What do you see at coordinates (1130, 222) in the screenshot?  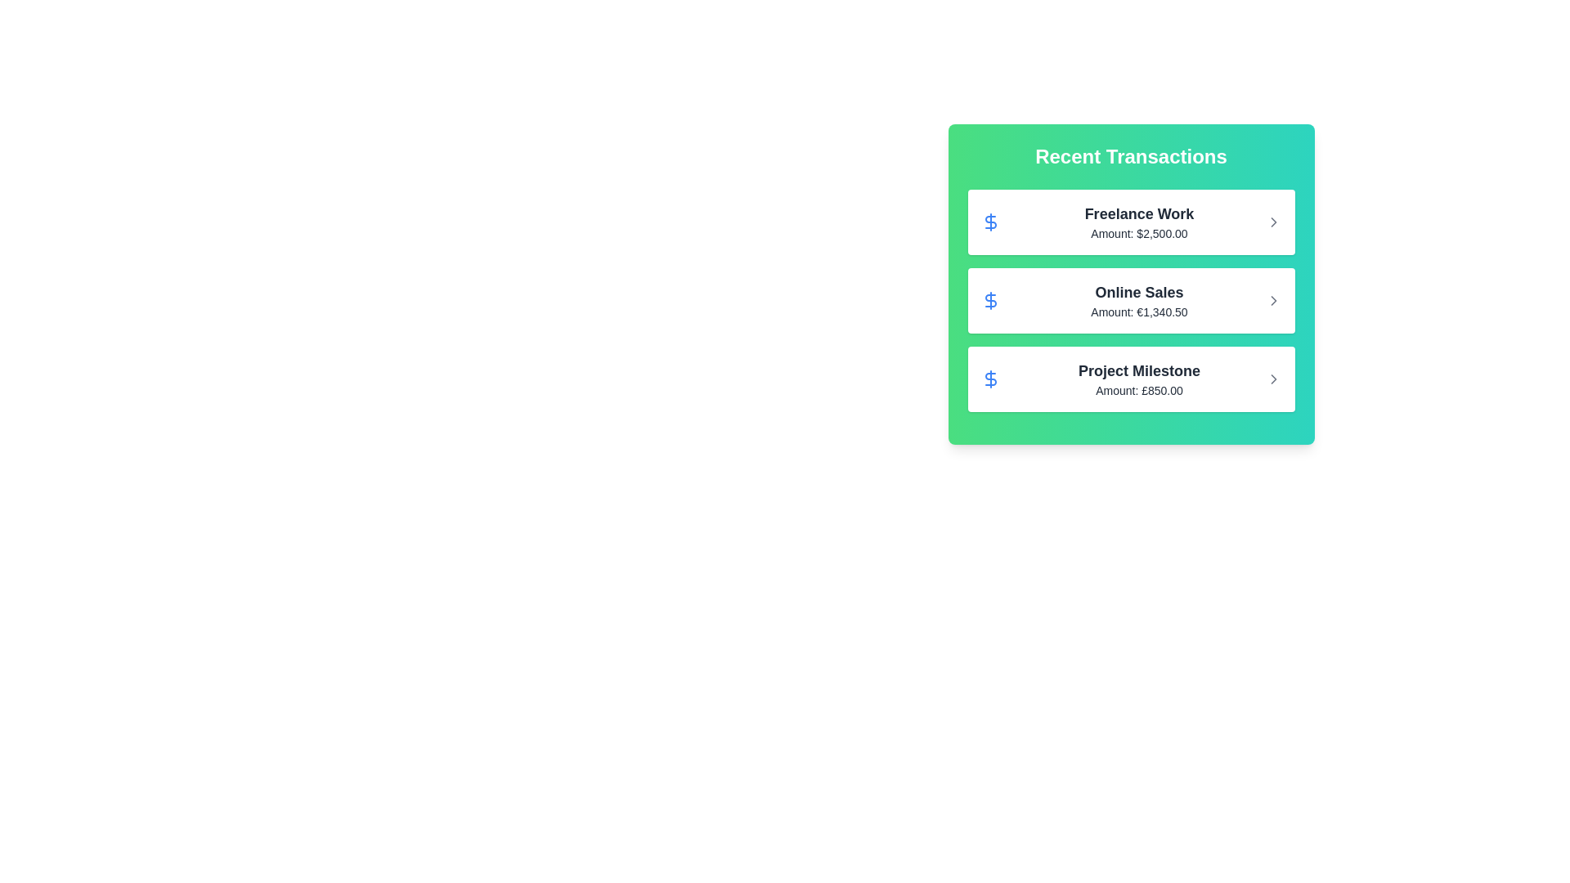 I see `the Information card displaying the summary of the transaction titled 'Freelance Work' with a monetary value of $2,500.00, which is the first item in the vertical list below the 'Recent Transactions' header` at bounding box center [1130, 222].